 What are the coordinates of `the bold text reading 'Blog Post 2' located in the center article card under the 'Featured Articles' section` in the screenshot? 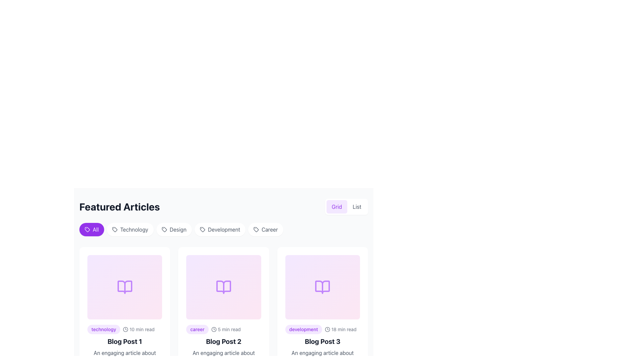 It's located at (223, 341).